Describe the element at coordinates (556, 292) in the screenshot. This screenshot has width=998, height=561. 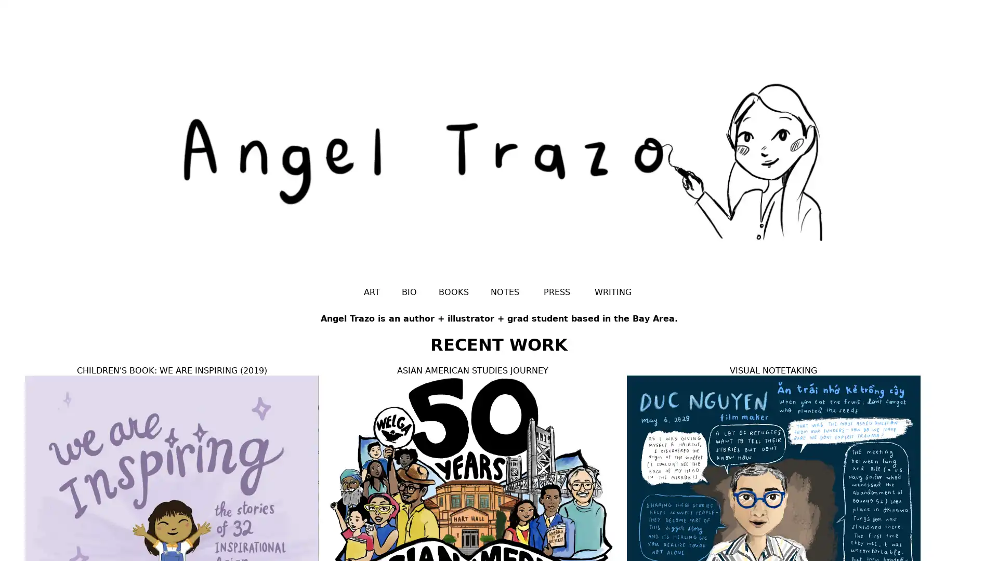
I see `PRESS` at that location.